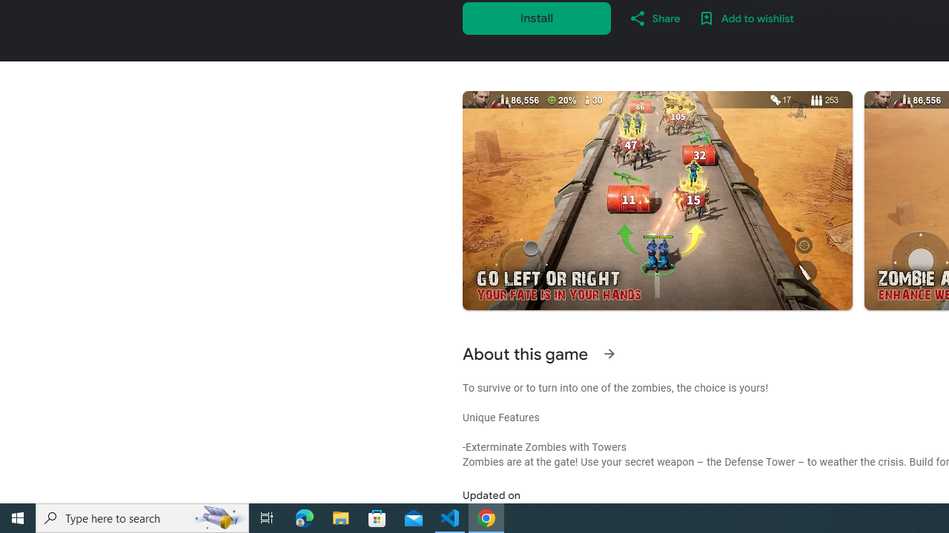 This screenshot has width=949, height=533. Describe the element at coordinates (746, 18) in the screenshot. I see `'Add to wishlist'` at that location.